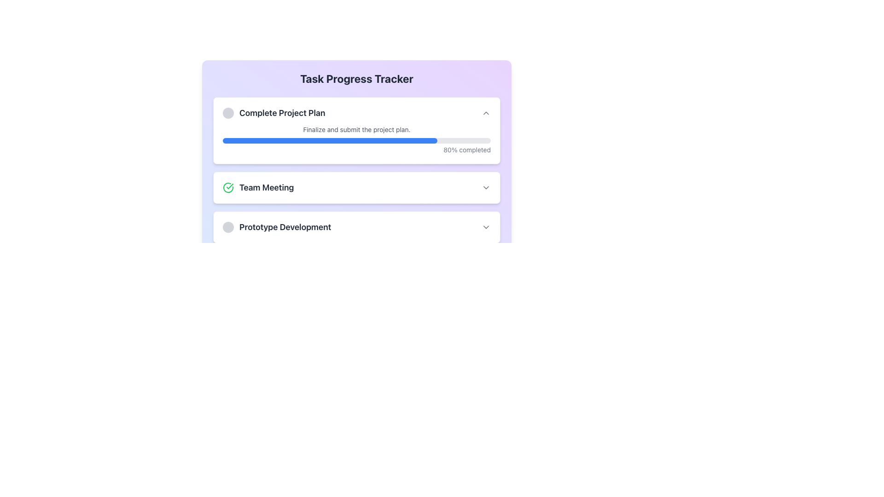 The height and width of the screenshot is (497, 884). I want to click on the bold, large-sized text label reading 'Task Progress Tracker' located at the top of the card interface, so click(356, 78).